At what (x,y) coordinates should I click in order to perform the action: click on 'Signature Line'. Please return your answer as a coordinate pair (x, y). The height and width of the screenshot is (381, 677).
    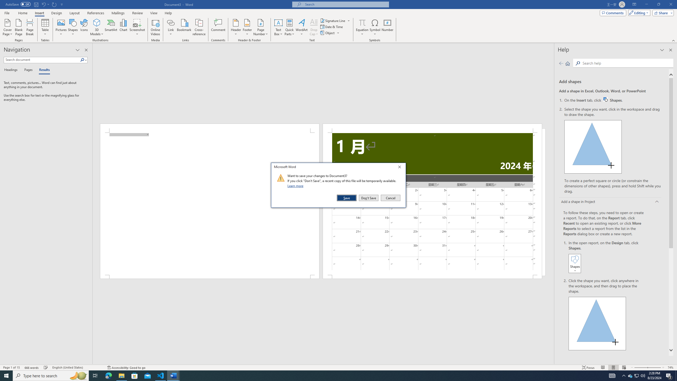
    Looking at the image, I should click on (333, 20).